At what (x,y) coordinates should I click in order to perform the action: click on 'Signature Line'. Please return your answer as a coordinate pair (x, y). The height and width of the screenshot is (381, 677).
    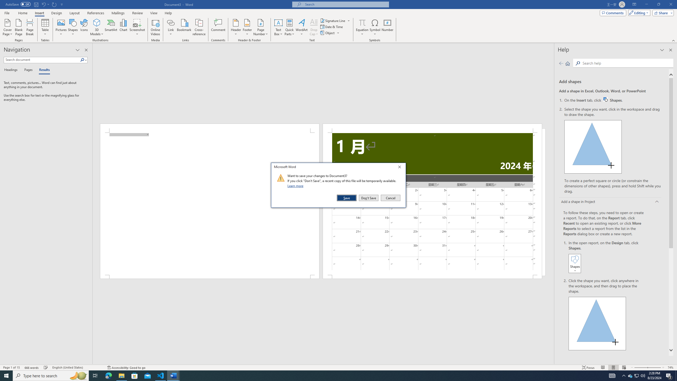
    Looking at the image, I should click on (333, 20).